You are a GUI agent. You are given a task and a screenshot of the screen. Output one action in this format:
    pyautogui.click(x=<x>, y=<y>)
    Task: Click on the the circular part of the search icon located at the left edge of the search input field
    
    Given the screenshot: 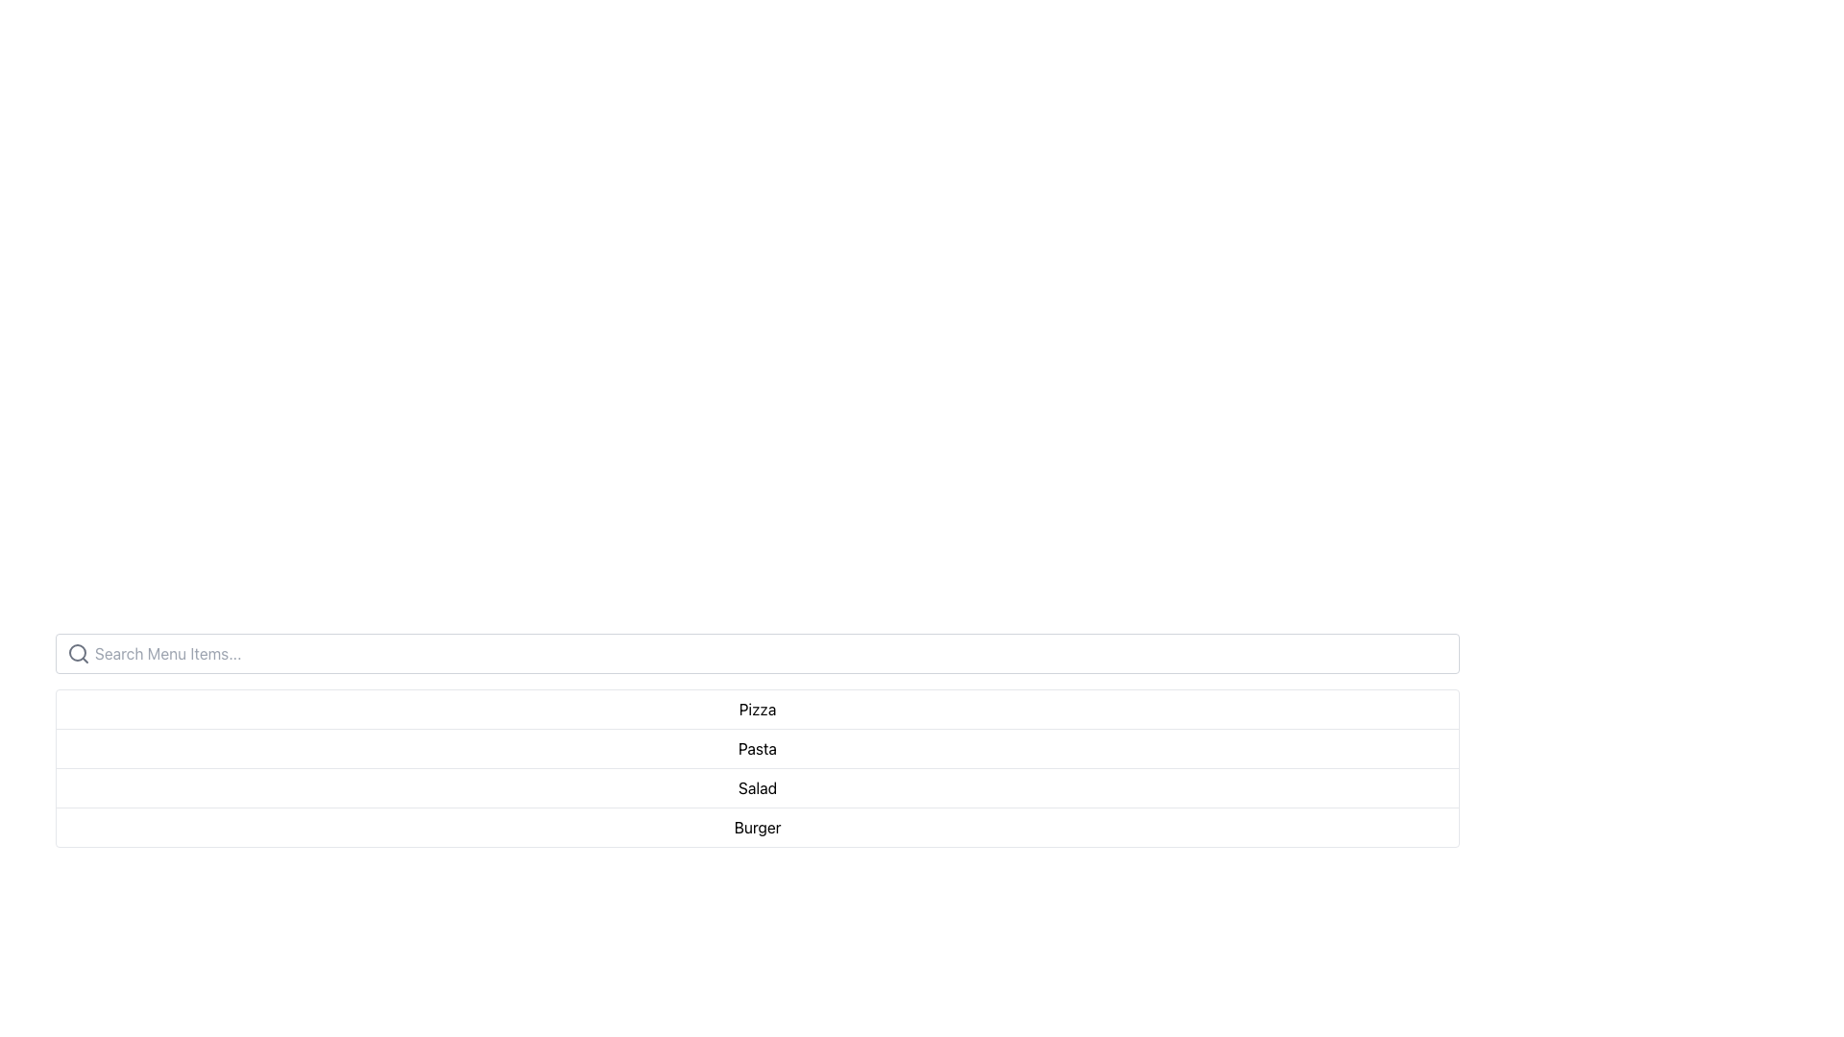 What is the action you would take?
    pyautogui.click(x=77, y=651)
    